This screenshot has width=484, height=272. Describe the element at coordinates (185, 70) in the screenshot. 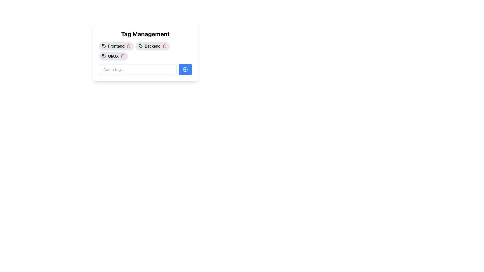

I see `the circular button with a blue background located at the bottom-right corner of the tag management interface` at that location.